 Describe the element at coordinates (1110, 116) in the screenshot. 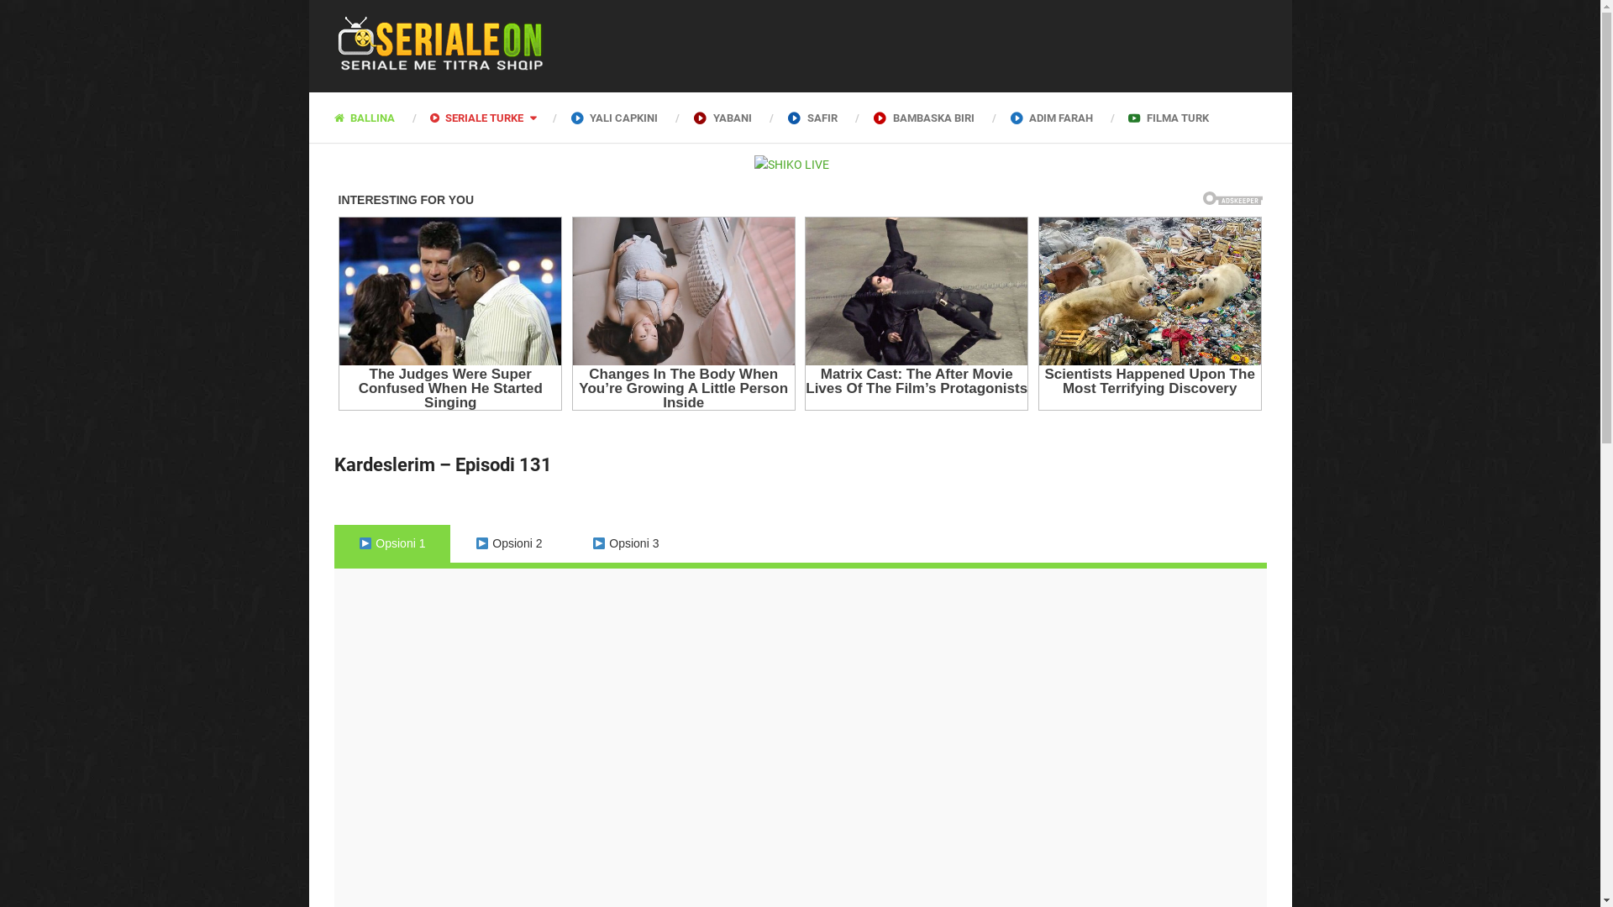

I see `'FILMA TURK'` at that location.